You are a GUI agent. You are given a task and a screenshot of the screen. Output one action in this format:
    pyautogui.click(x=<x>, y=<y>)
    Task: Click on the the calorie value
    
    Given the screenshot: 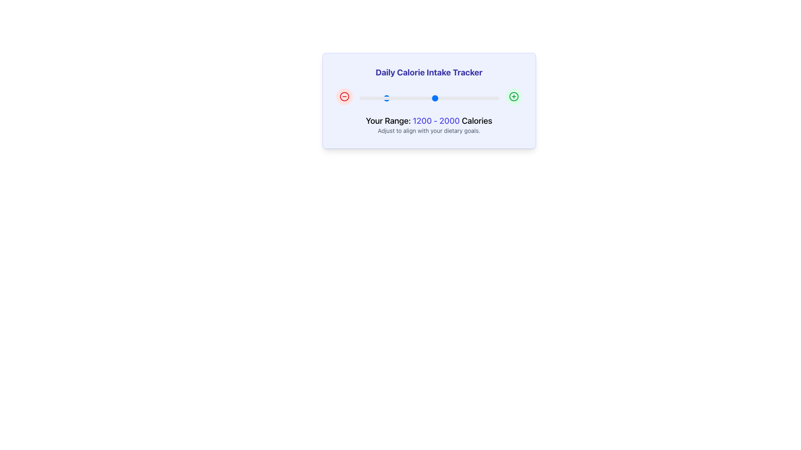 What is the action you would take?
    pyautogui.click(x=363, y=97)
    